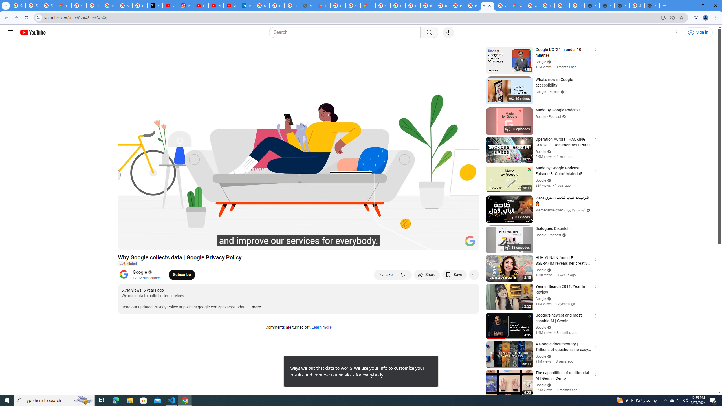 This screenshot has height=406, width=722. What do you see at coordinates (652, 5) in the screenshot?
I see `'New Tab'` at bounding box center [652, 5].